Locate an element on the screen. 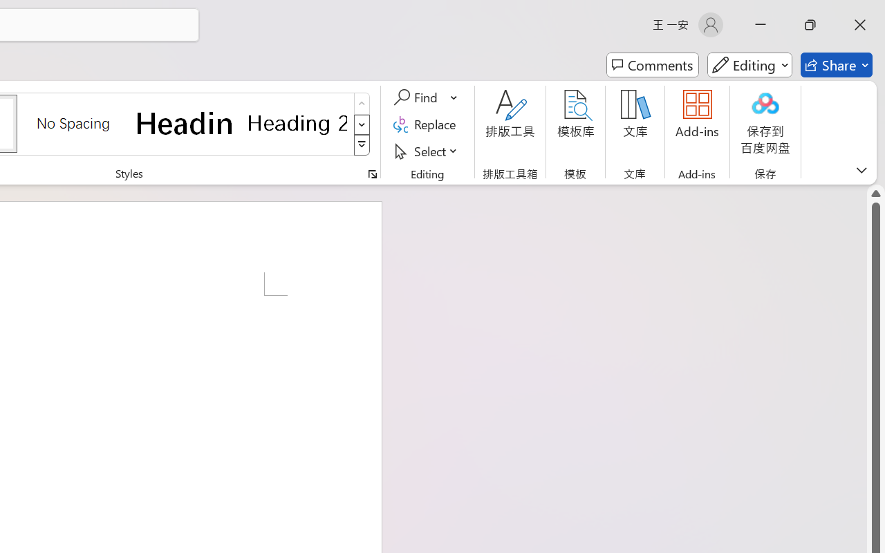 This screenshot has width=885, height=553. 'Select' is located at coordinates (427, 151).